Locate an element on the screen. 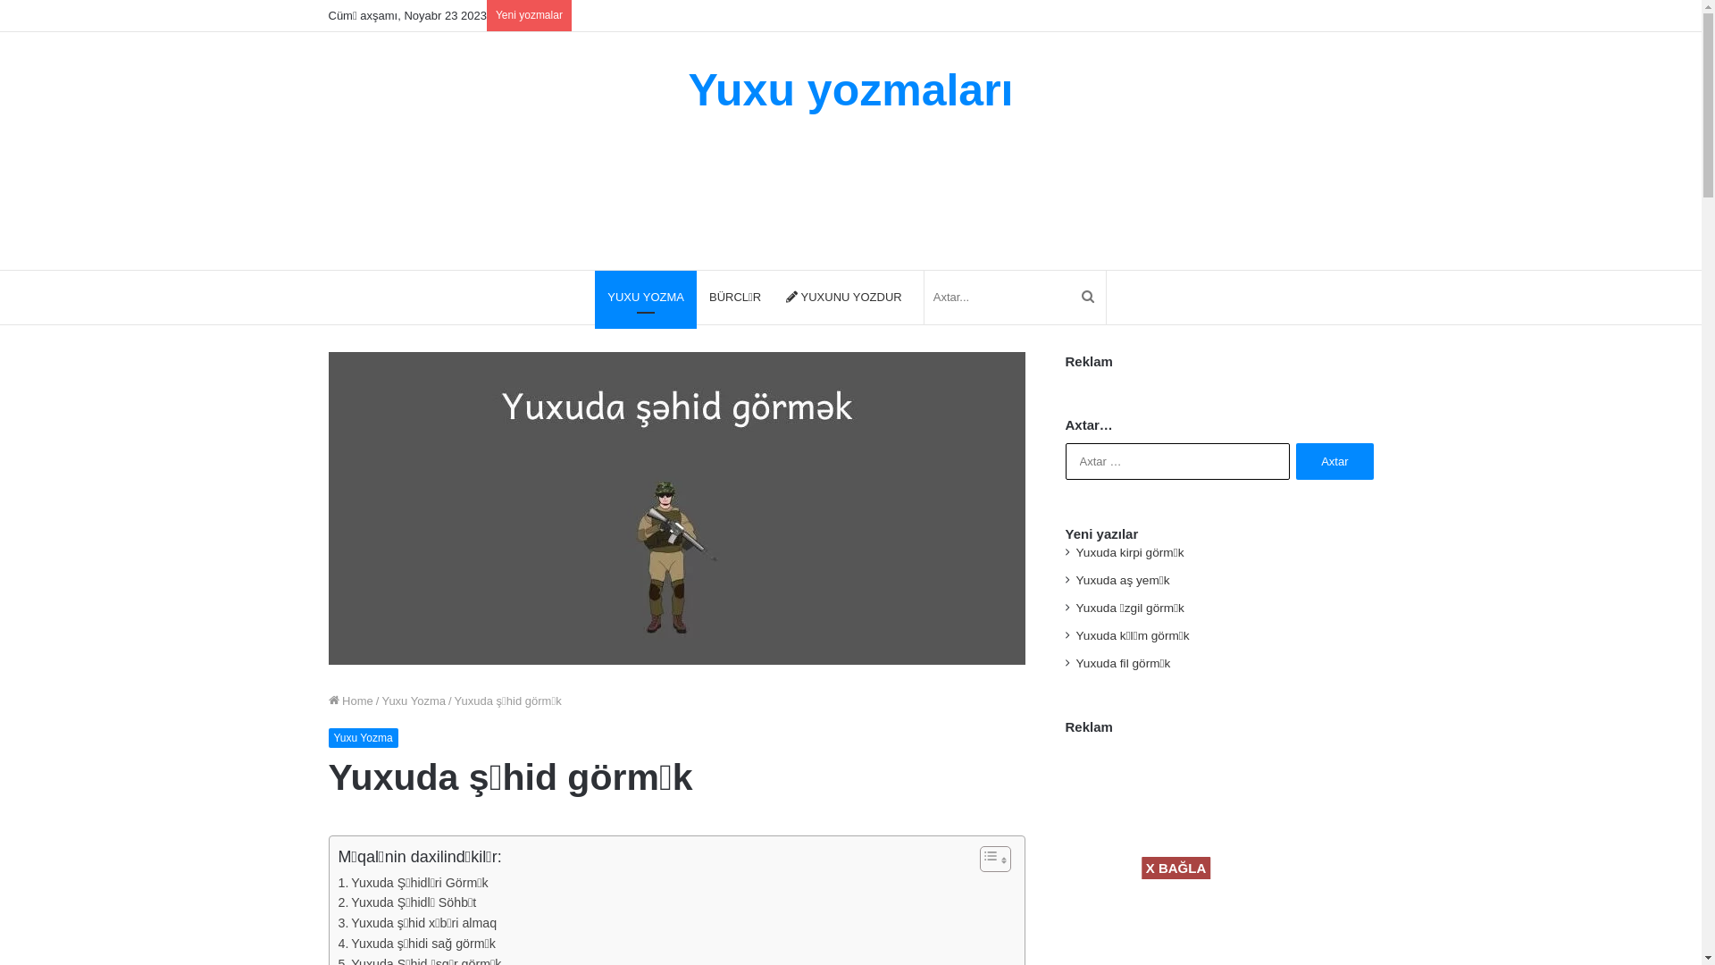  'Axtar' is located at coordinates (1295, 460).